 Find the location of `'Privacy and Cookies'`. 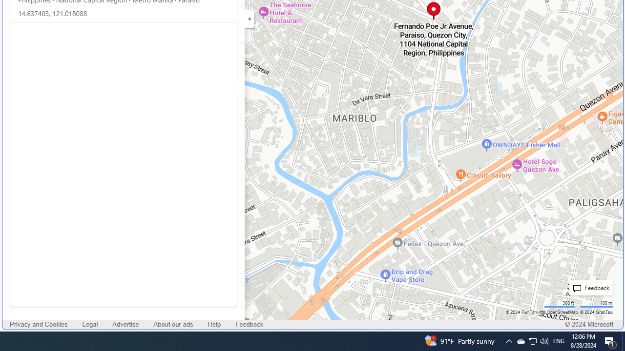

'Privacy and Cookies' is located at coordinates (39, 324).